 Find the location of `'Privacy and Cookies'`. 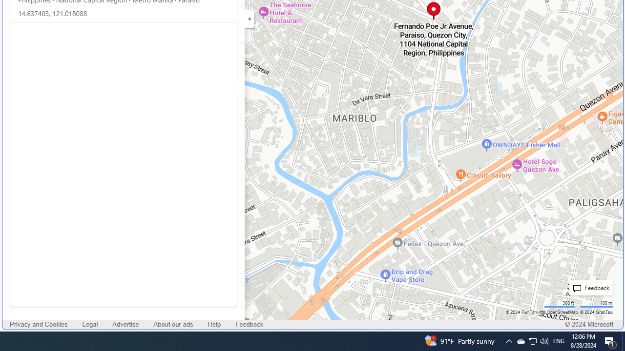

'Privacy and Cookies' is located at coordinates (39, 324).